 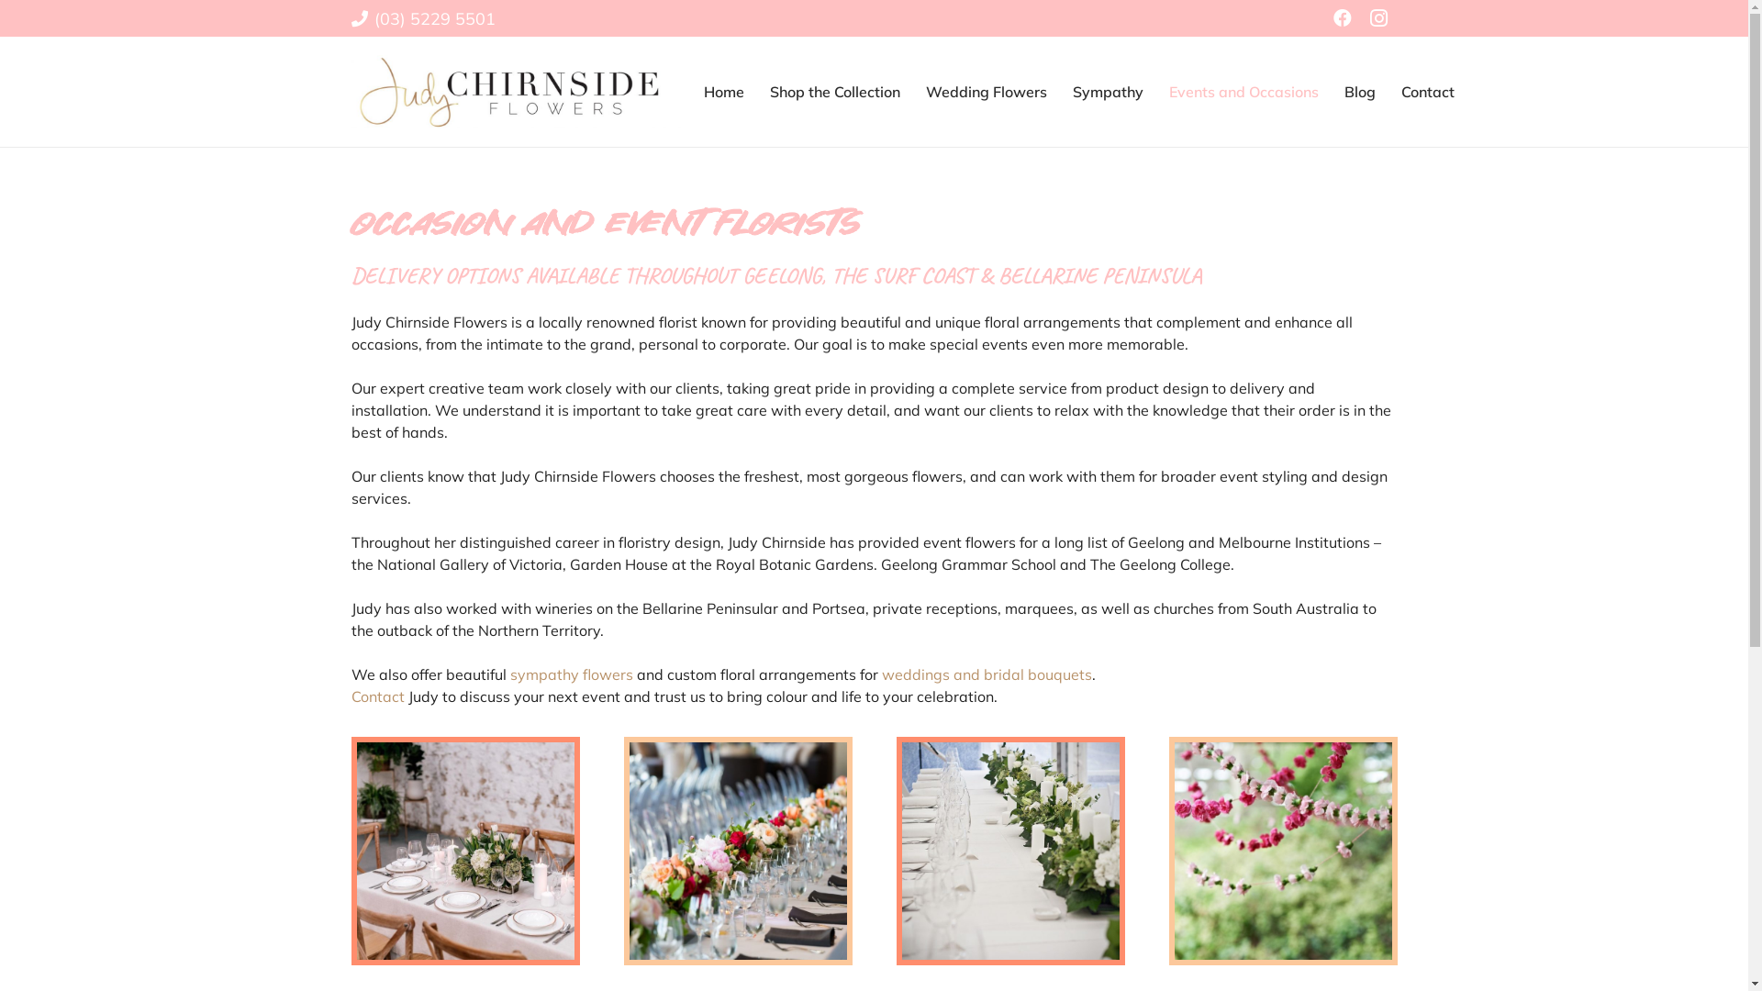 What do you see at coordinates (1360, 92) in the screenshot?
I see `'Blog'` at bounding box center [1360, 92].